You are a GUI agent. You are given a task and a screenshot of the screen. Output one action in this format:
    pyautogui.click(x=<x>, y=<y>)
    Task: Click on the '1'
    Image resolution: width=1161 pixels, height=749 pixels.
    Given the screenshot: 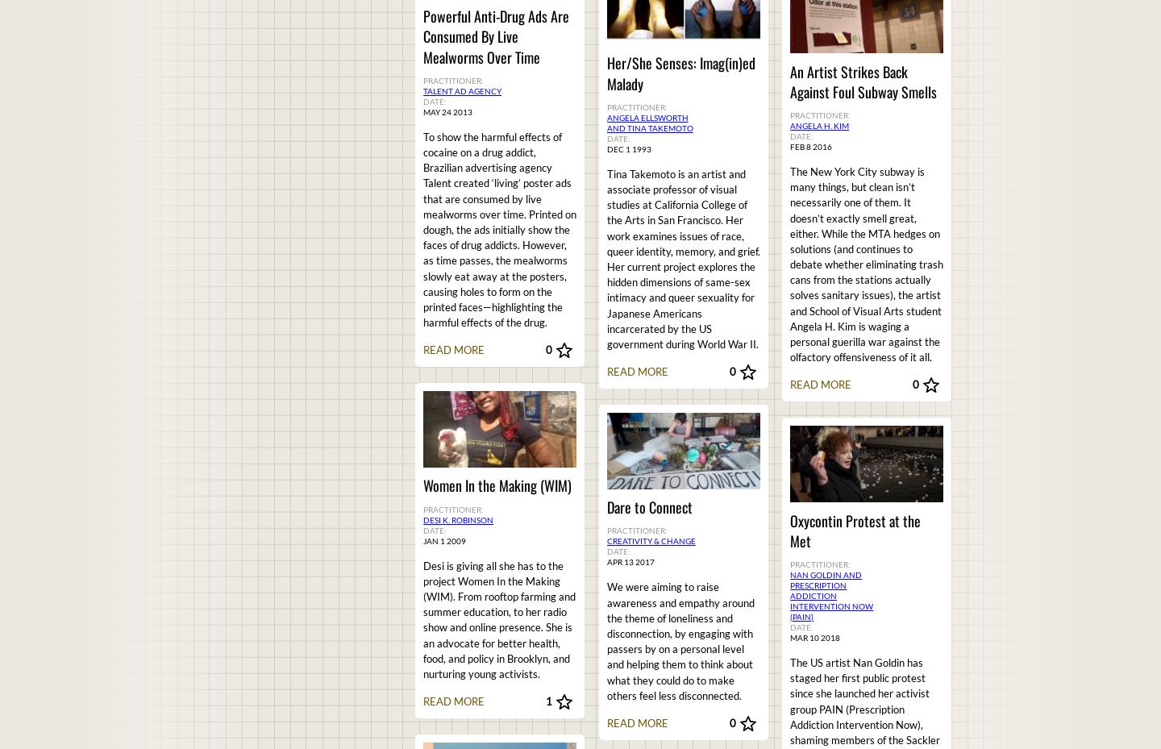 What is the action you would take?
    pyautogui.click(x=545, y=701)
    